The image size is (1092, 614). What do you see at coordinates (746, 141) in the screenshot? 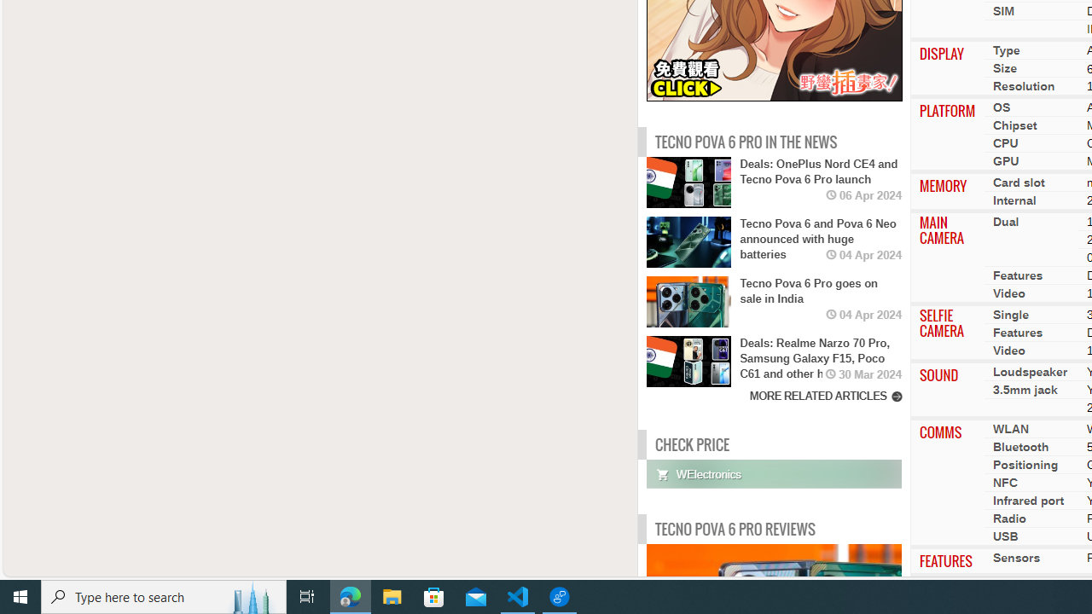
I see `'TECNO POVA 6 PRO IN THE NEWS'` at bounding box center [746, 141].